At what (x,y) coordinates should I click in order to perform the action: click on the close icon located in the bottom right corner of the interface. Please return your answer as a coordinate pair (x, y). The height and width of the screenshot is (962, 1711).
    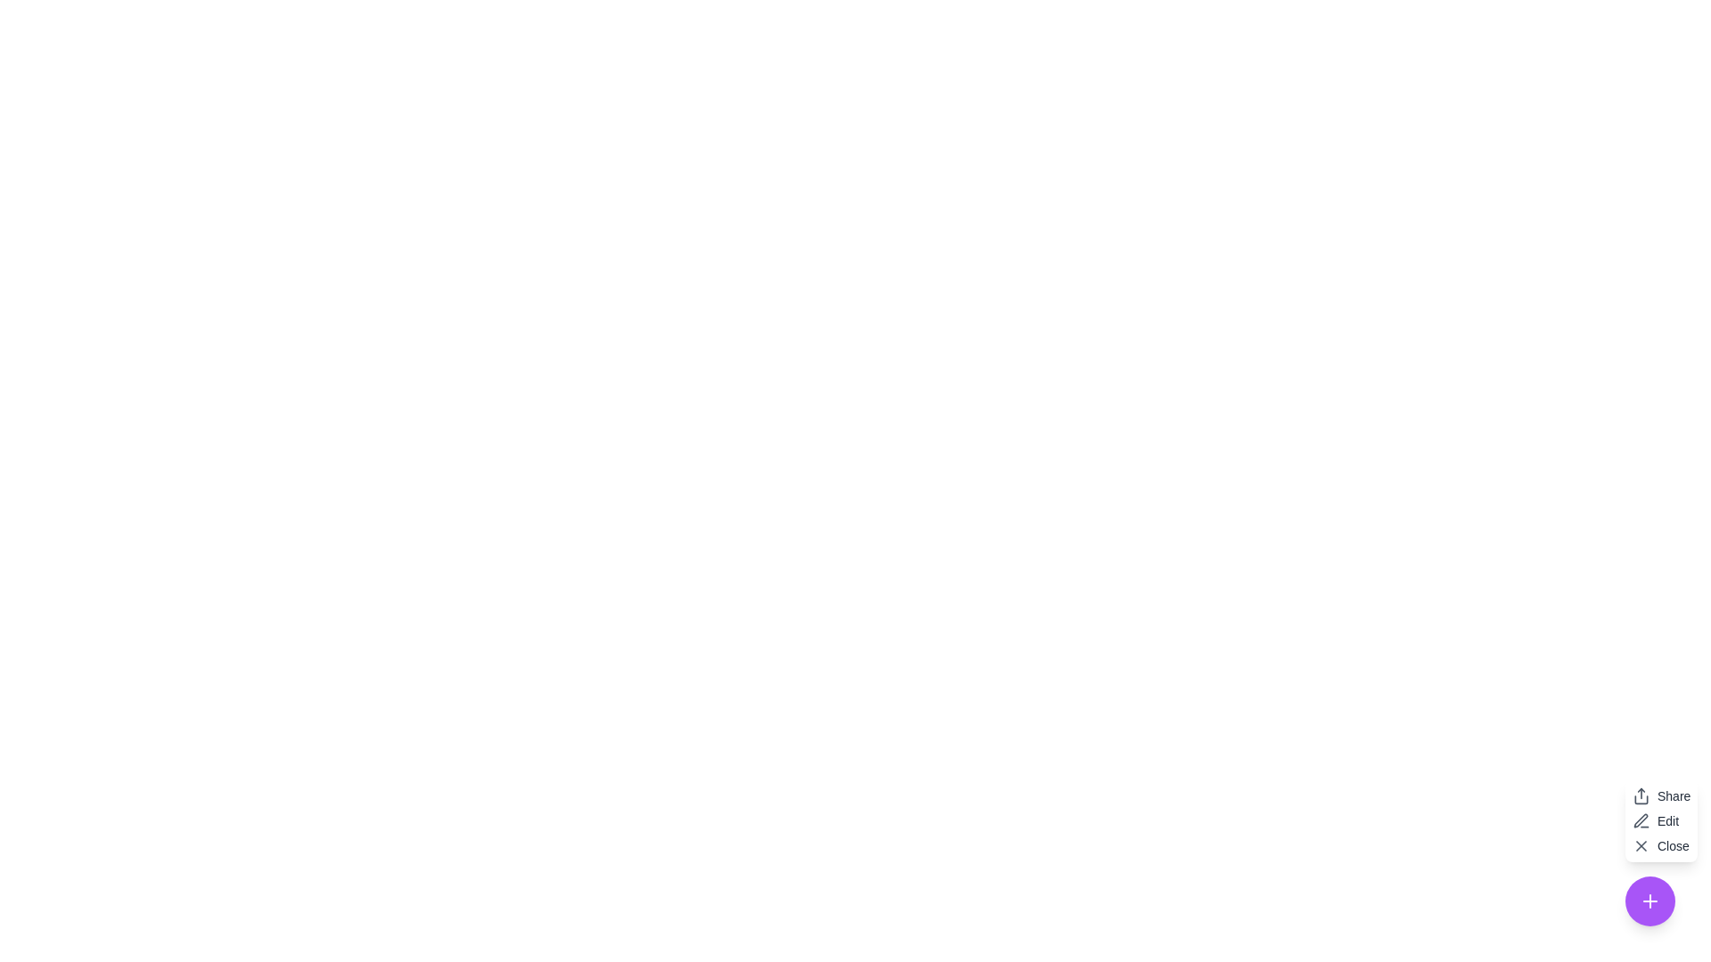
    Looking at the image, I should click on (1641, 844).